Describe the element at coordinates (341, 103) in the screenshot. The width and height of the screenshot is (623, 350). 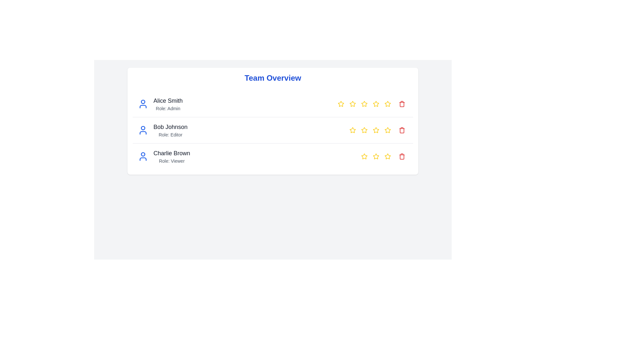
I see `the first star icon in the row of rating stars for user Alice Smith in the 'Team Overview' section` at that location.